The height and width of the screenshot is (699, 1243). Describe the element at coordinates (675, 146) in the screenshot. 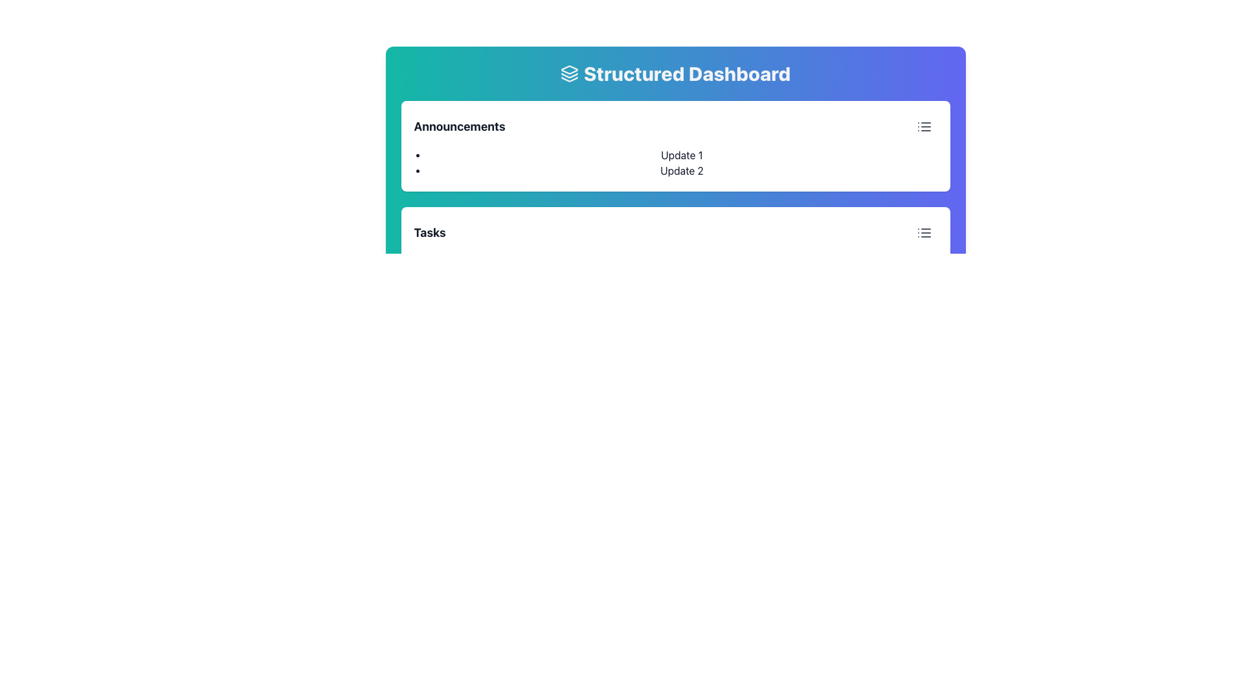

I see `the updates in the 'Announcements' informational panel, which contains a list of updates labeled 'Update 1' and 'Update 2'` at that location.